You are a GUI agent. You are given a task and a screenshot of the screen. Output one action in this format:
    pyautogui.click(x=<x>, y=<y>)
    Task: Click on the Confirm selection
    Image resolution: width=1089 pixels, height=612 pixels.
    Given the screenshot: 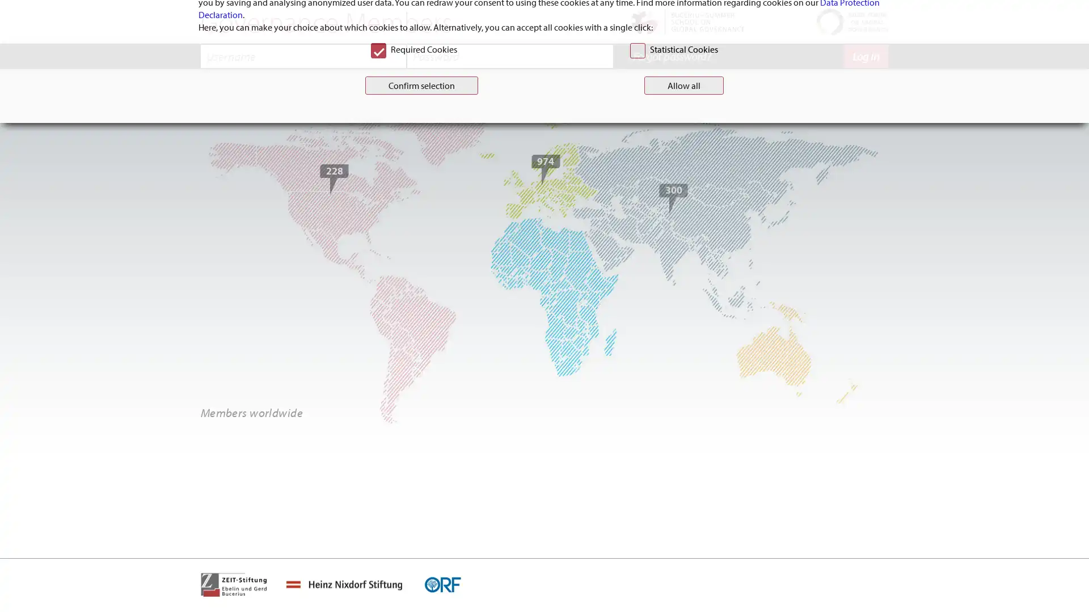 What is the action you would take?
    pyautogui.click(x=420, y=360)
    